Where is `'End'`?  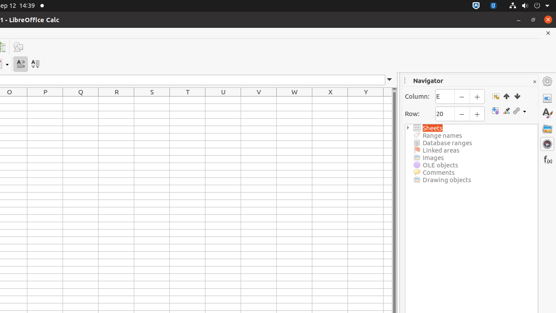
'End' is located at coordinates (517, 96).